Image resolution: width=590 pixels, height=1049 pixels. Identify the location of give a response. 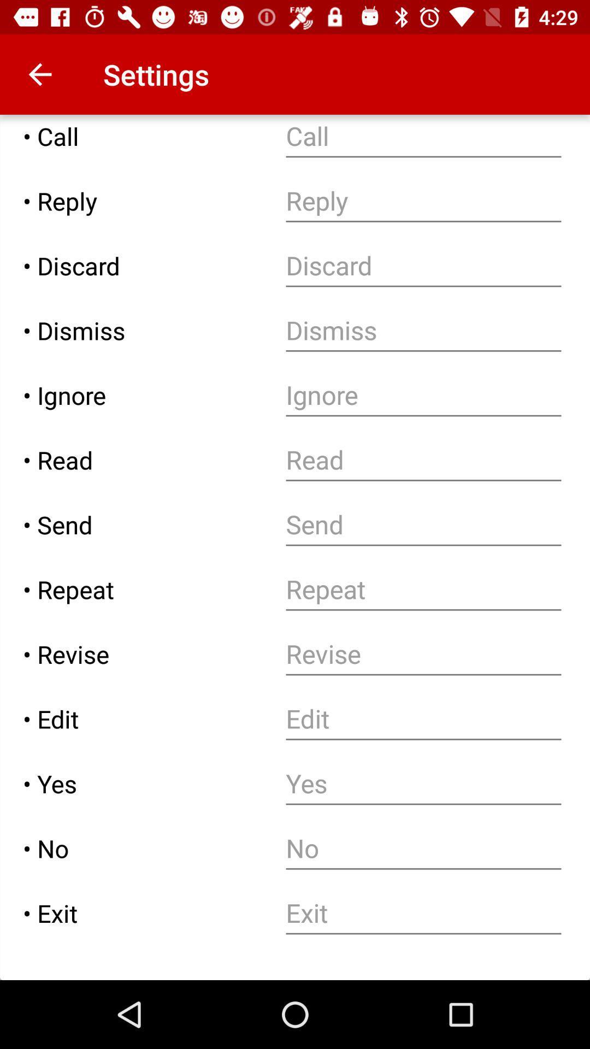
(423, 201).